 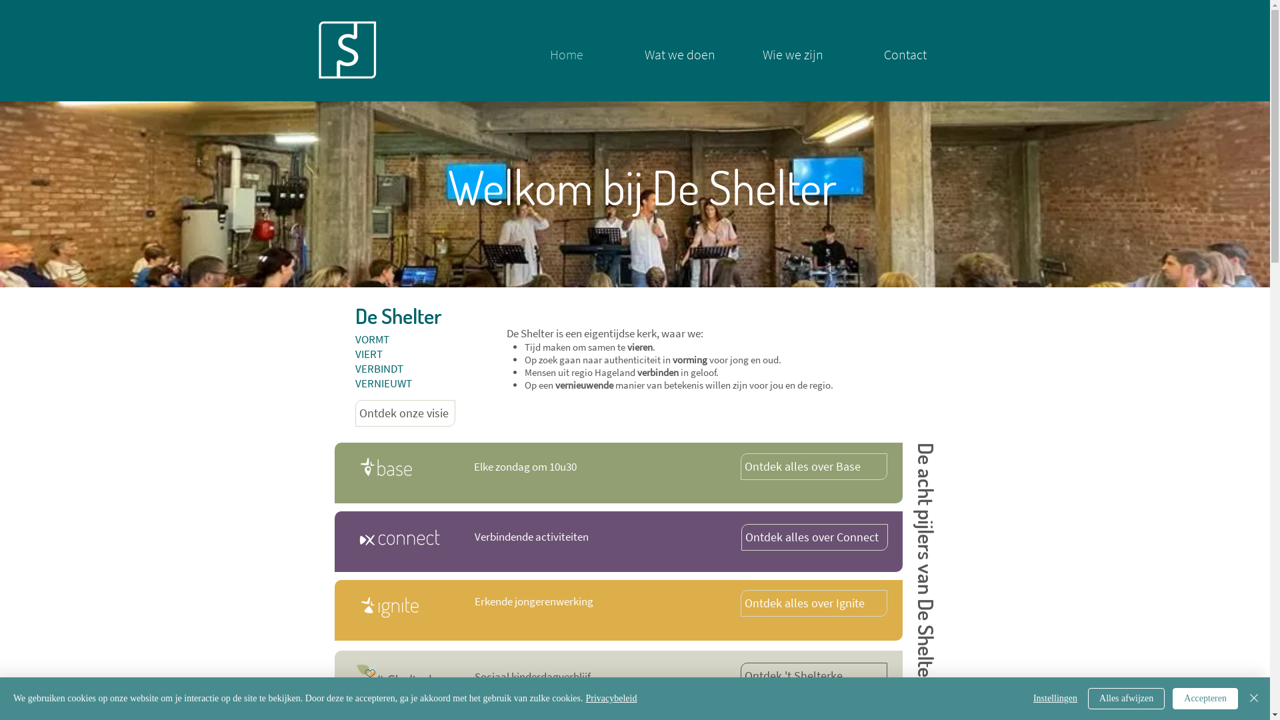 What do you see at coordinates (739, 603) in the screenshot?
I see `'Ontdek alles over Ignite'` at bounding box center [739, 603].